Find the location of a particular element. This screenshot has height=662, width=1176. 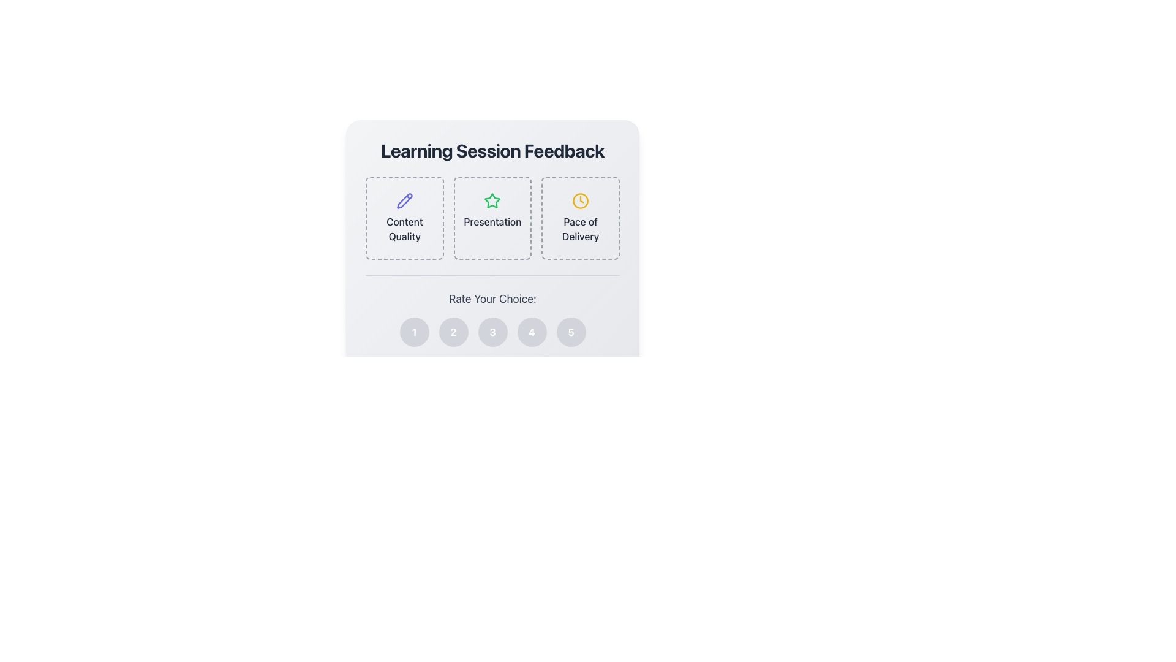

the vibrant indigo pencil-shaped icon with a dashed border located in the 'Content Quality' section is located at coordinates (404, 200).